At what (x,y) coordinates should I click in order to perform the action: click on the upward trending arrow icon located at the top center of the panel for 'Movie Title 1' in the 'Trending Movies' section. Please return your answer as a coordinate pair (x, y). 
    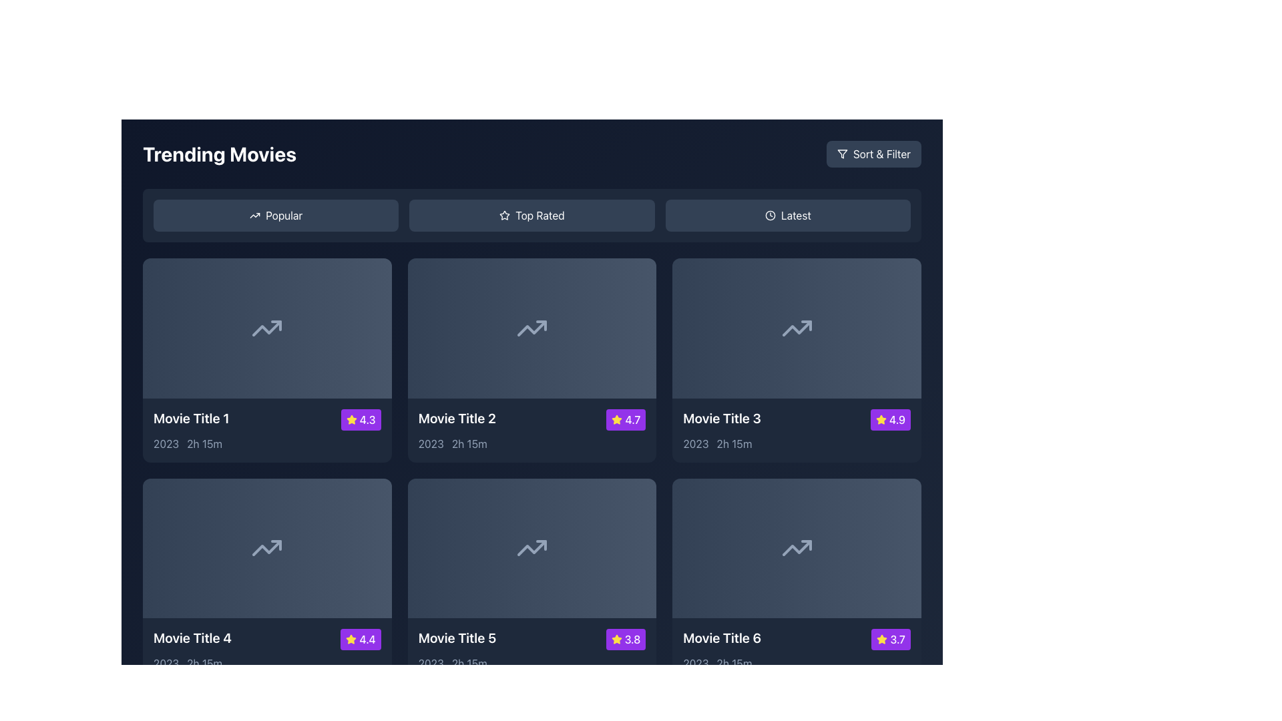
    Looking at the image, I should click on (267, 328).